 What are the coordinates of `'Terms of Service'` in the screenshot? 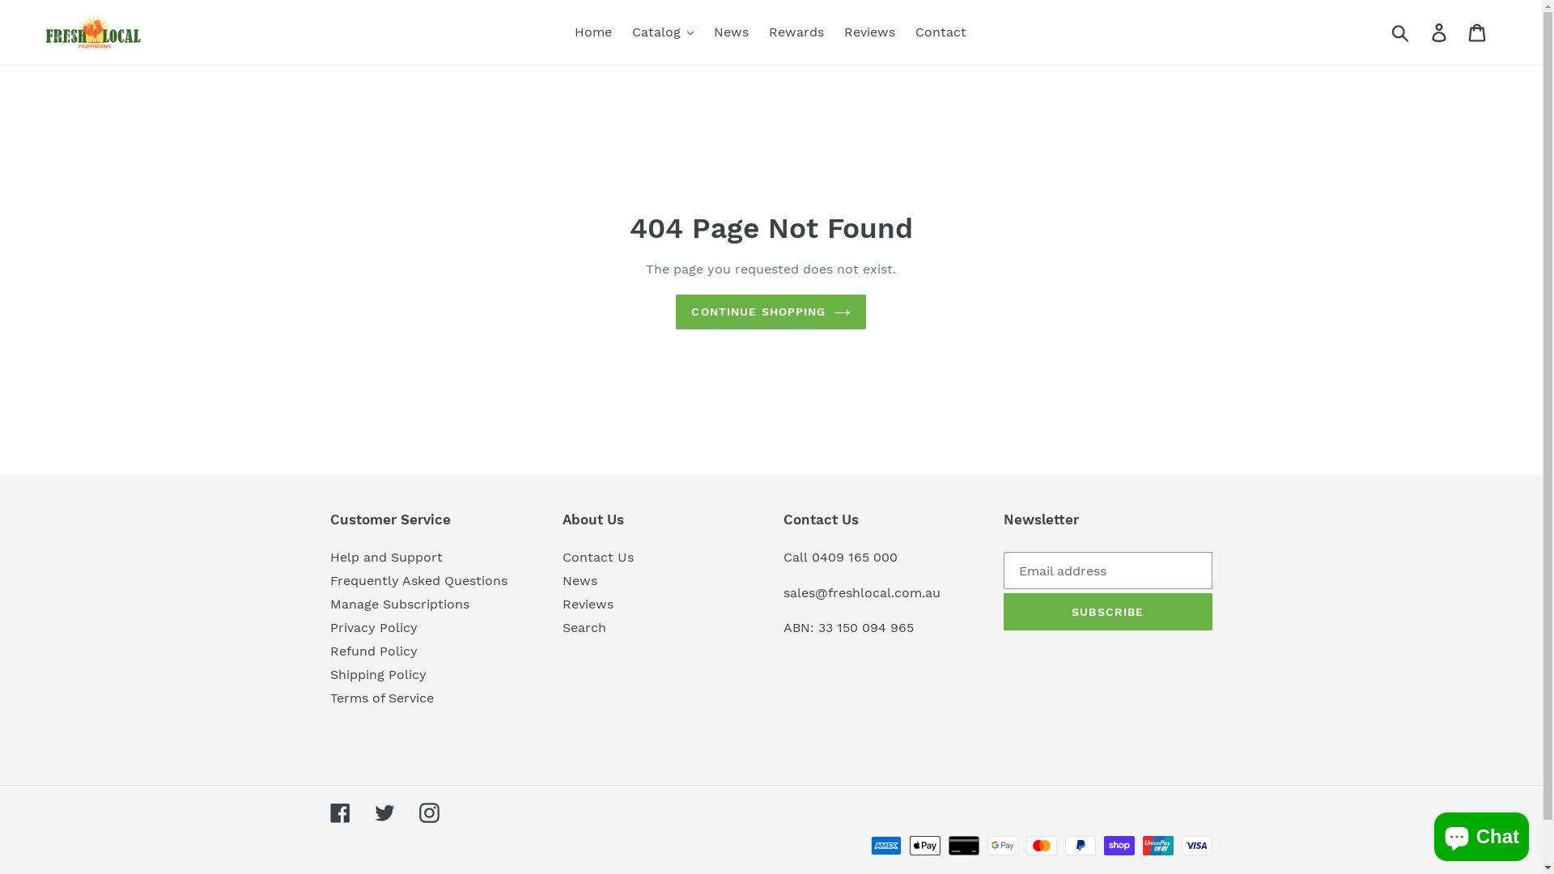 It's located at (329, 697).